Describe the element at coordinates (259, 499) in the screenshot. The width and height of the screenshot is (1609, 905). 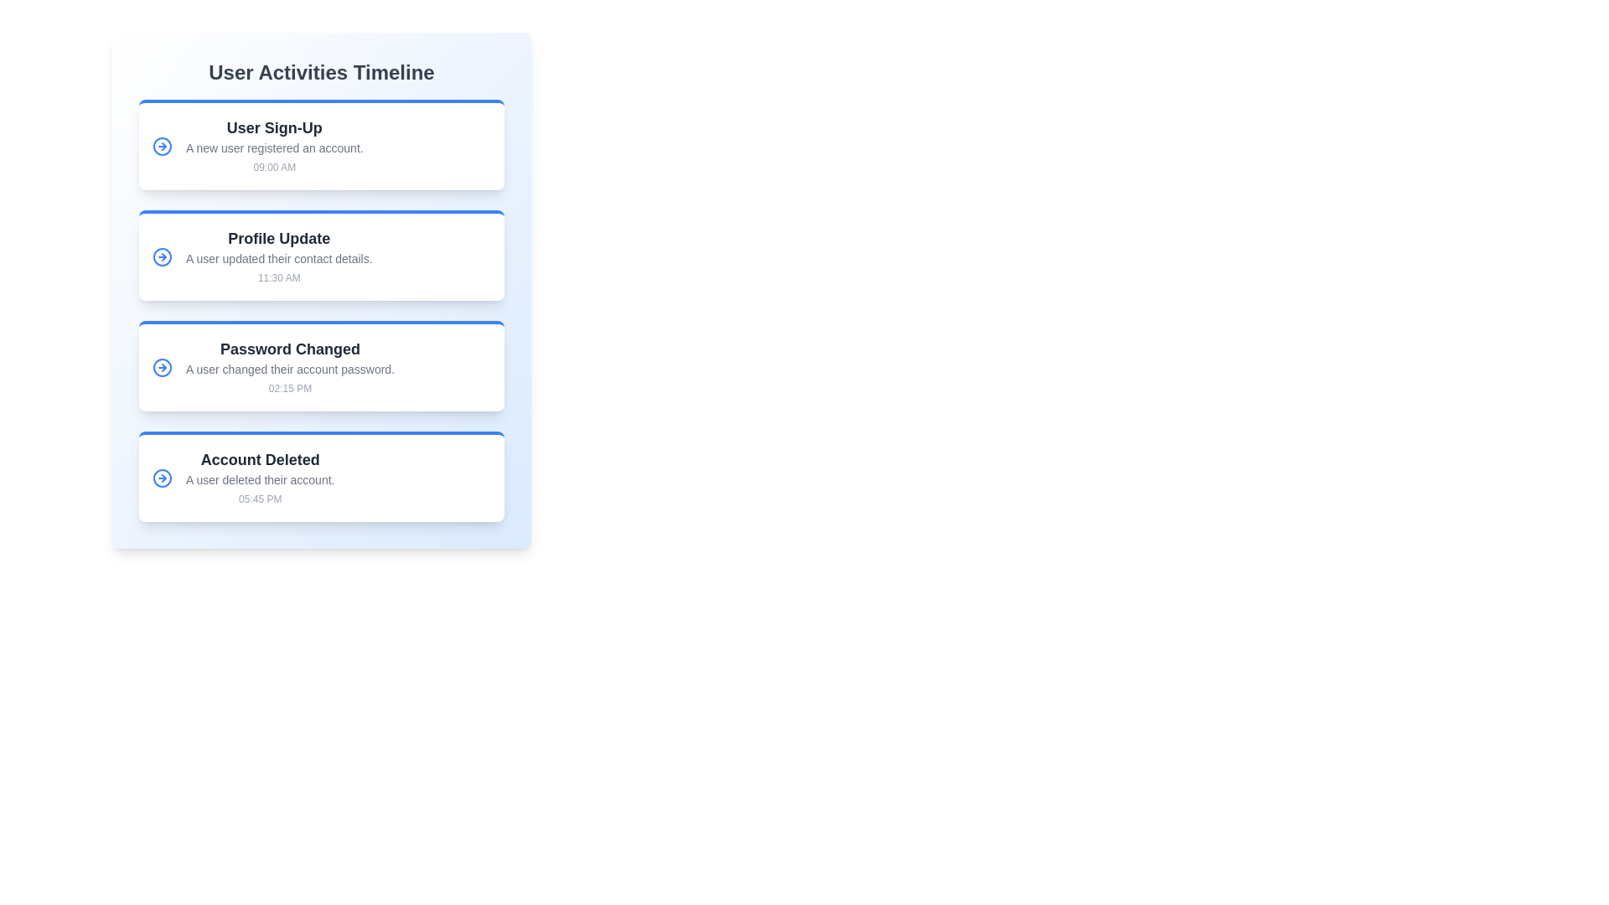
I see `the time display text label reading '05:45 PM' located at the bottom-right corner of the 'Account Deleted' card` at that location.